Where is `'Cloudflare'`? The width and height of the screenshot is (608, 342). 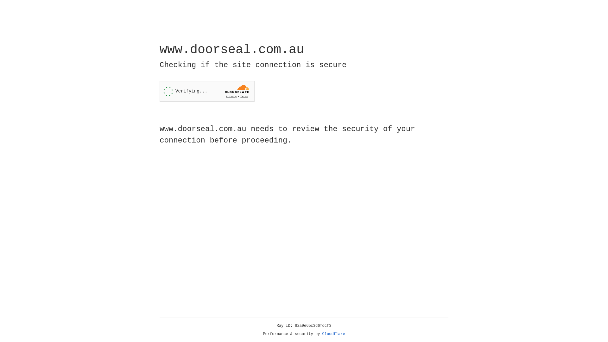
'Cloudflare' is located at coordinates (333, 334).